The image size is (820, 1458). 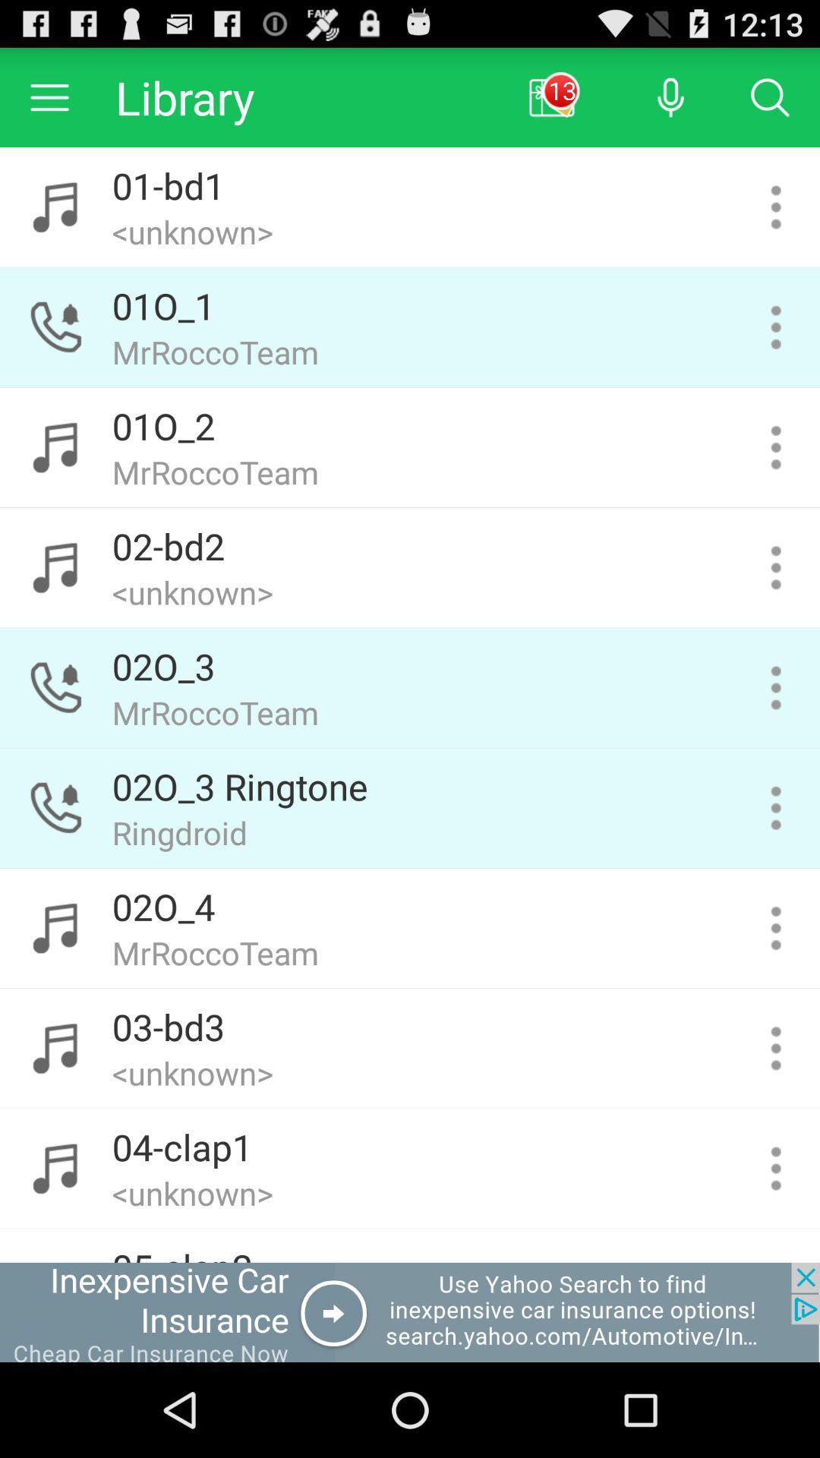 What do you see at coordinates (670, 103) in the screenshot?
I see `the microphone icon` at bounding box center [670, 103].